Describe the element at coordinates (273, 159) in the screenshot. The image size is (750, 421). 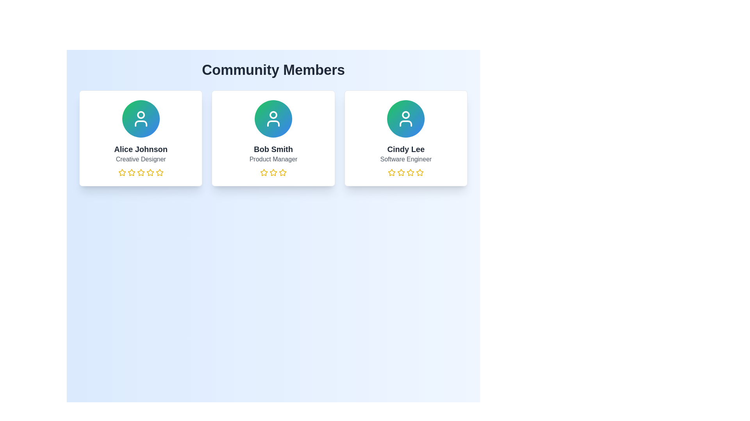
I see `the Text Label that indicates the role 'Product Manager' located below 'Bob Smith' in the middle profile card under 'Community Members'` at that location.